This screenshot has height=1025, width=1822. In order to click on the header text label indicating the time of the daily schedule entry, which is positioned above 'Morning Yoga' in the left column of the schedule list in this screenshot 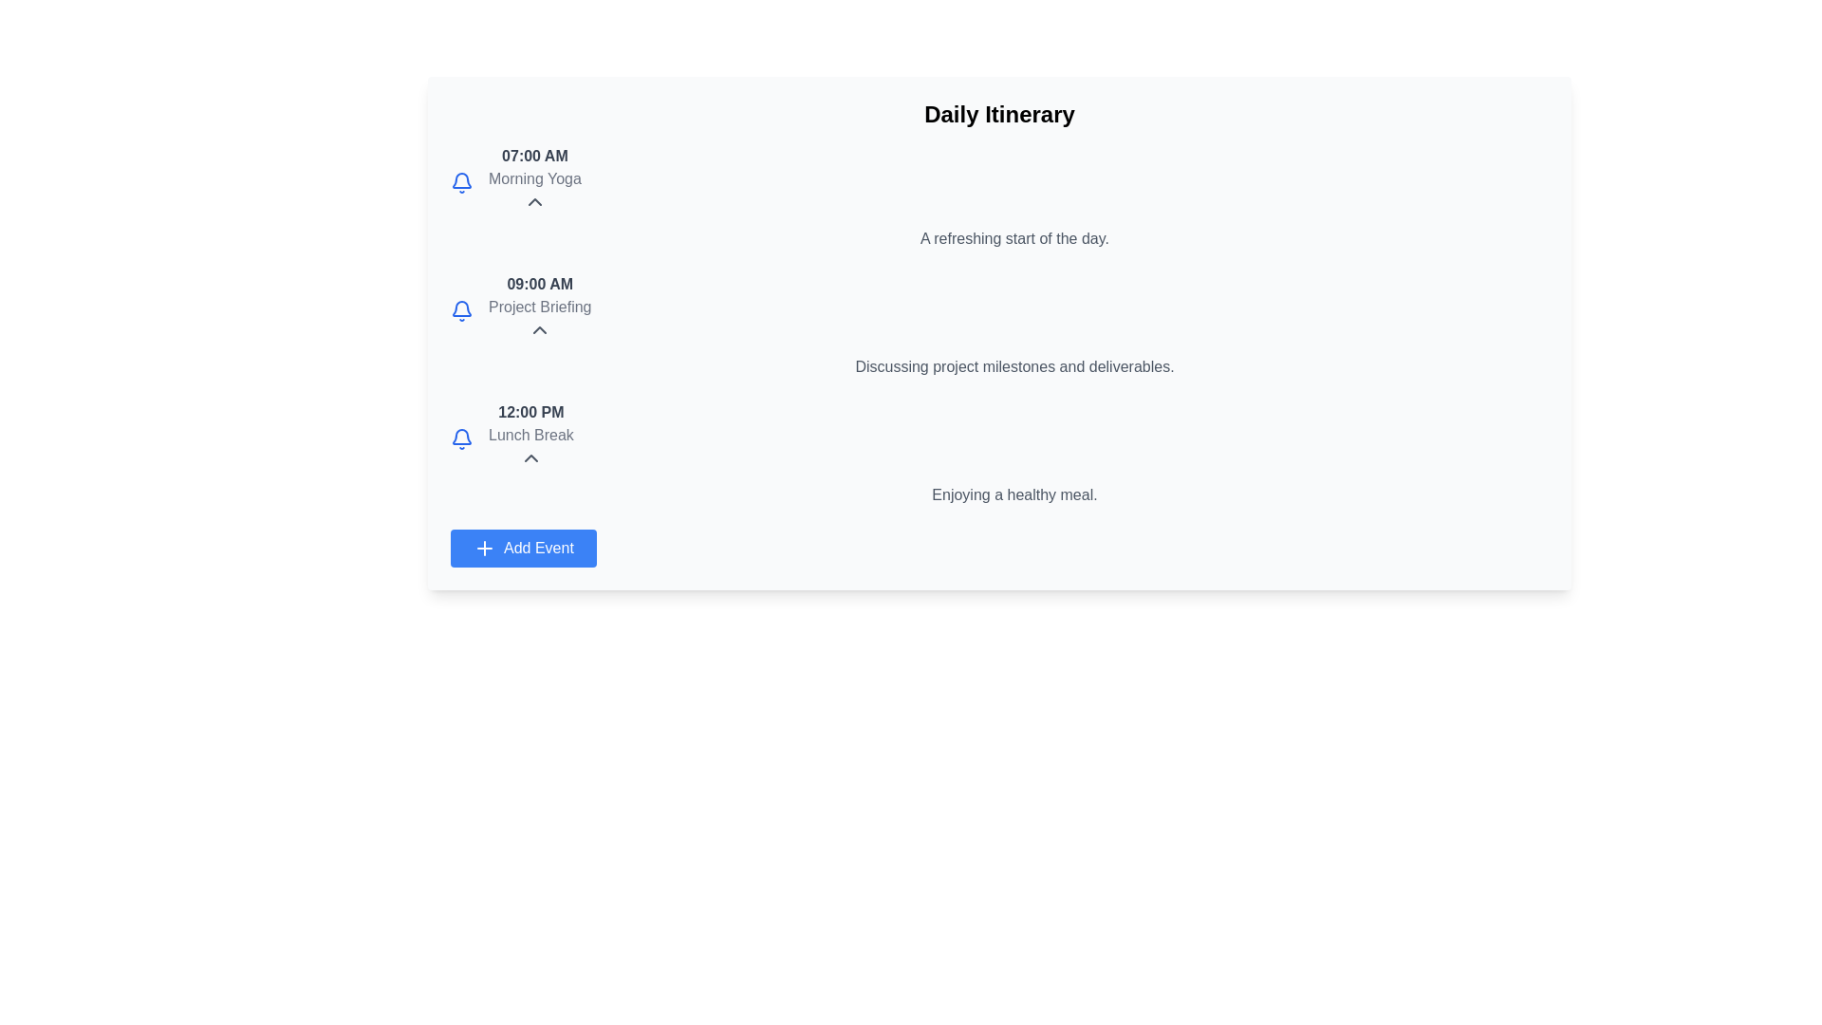, I will do `click(533, 156)`.